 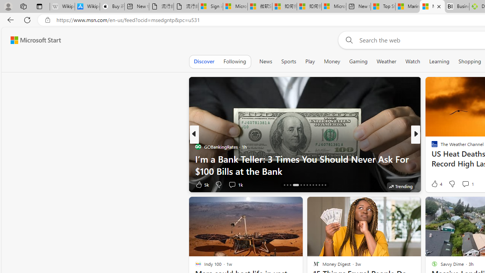 What do you see at coordinates (468, 184) in the screenshot?
I see `'View comments 3 Comment'` at bounding box center [468, 184].